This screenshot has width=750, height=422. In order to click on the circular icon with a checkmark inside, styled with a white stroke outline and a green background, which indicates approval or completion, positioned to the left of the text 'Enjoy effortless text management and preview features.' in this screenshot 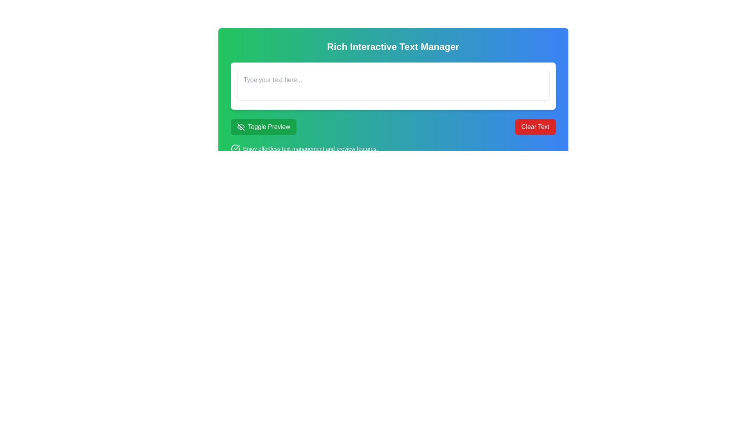, I will do `click(235, 149)`.